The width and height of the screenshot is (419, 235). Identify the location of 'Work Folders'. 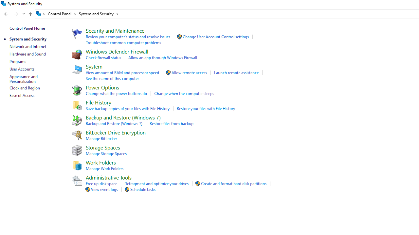
(100, 162).